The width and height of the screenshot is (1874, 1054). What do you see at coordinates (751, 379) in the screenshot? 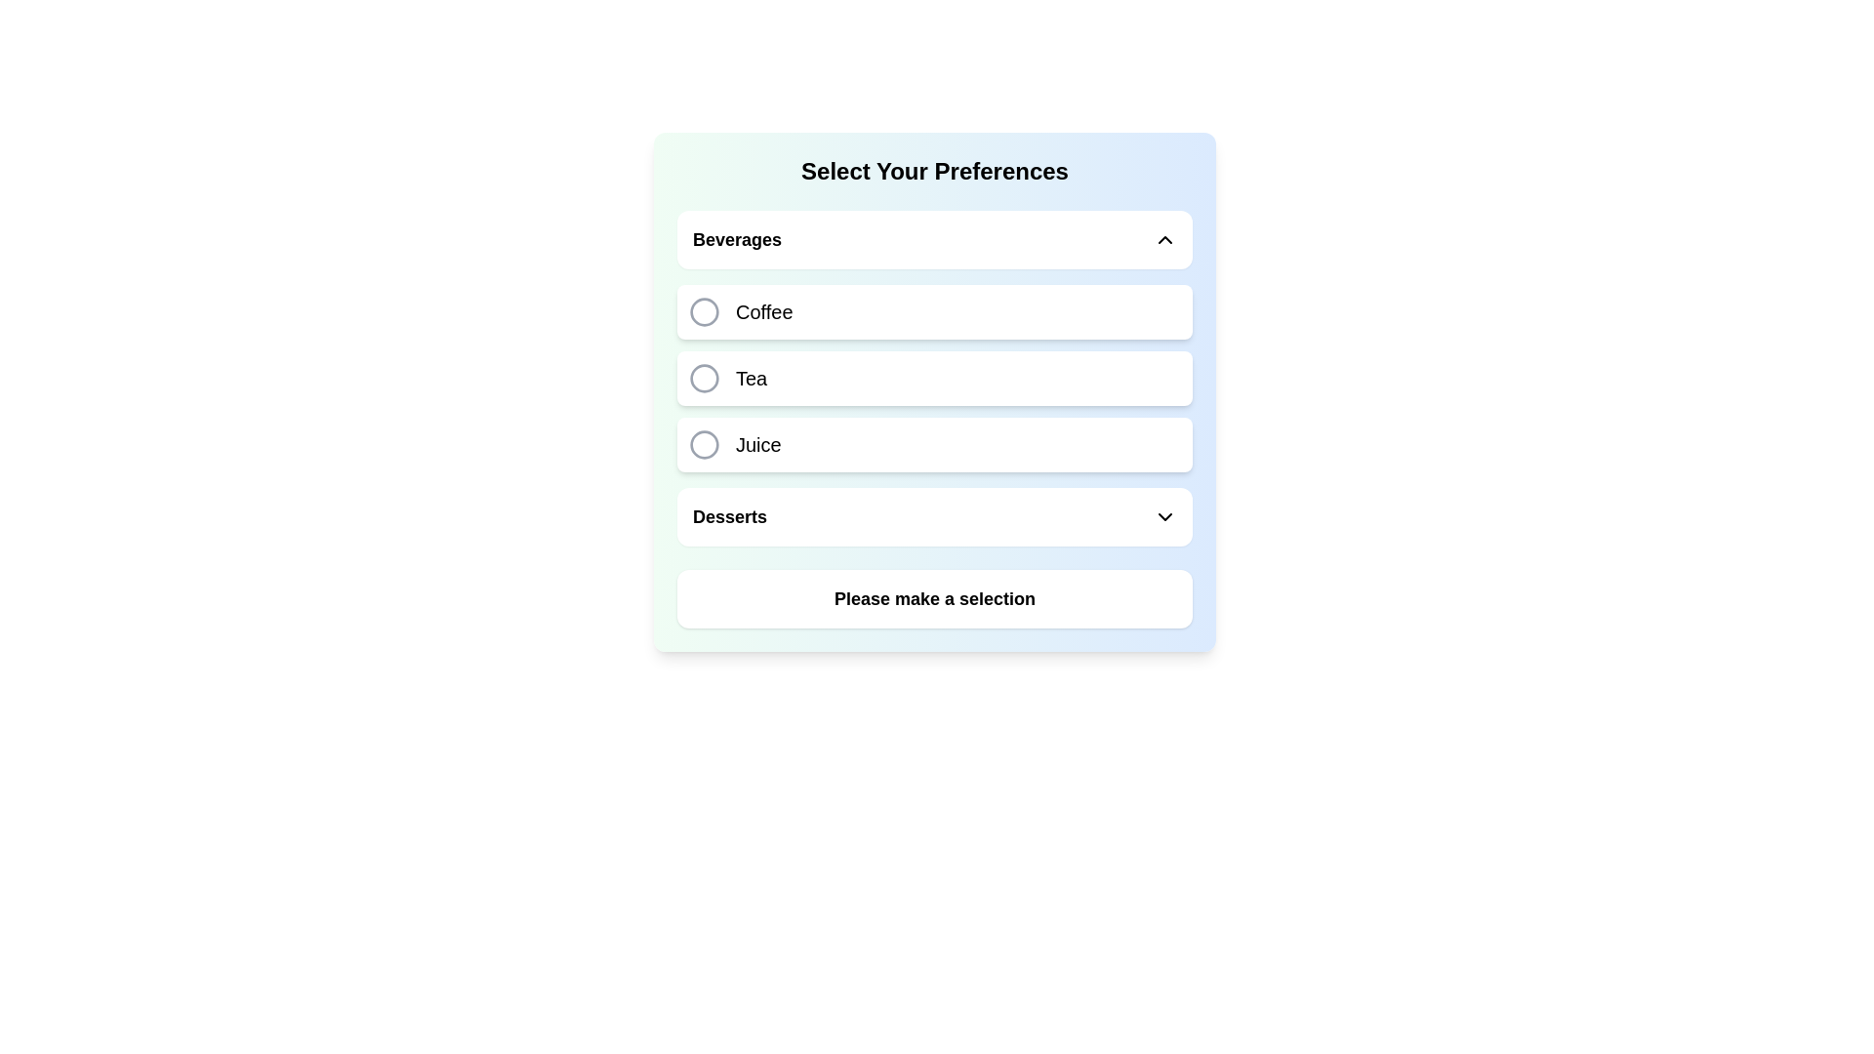
I see `the text label displaying 'Tea', which is located in the selection option row under 'Beverages', between 'Coffee' and 'Juice'` at bounding box center [751, 379].